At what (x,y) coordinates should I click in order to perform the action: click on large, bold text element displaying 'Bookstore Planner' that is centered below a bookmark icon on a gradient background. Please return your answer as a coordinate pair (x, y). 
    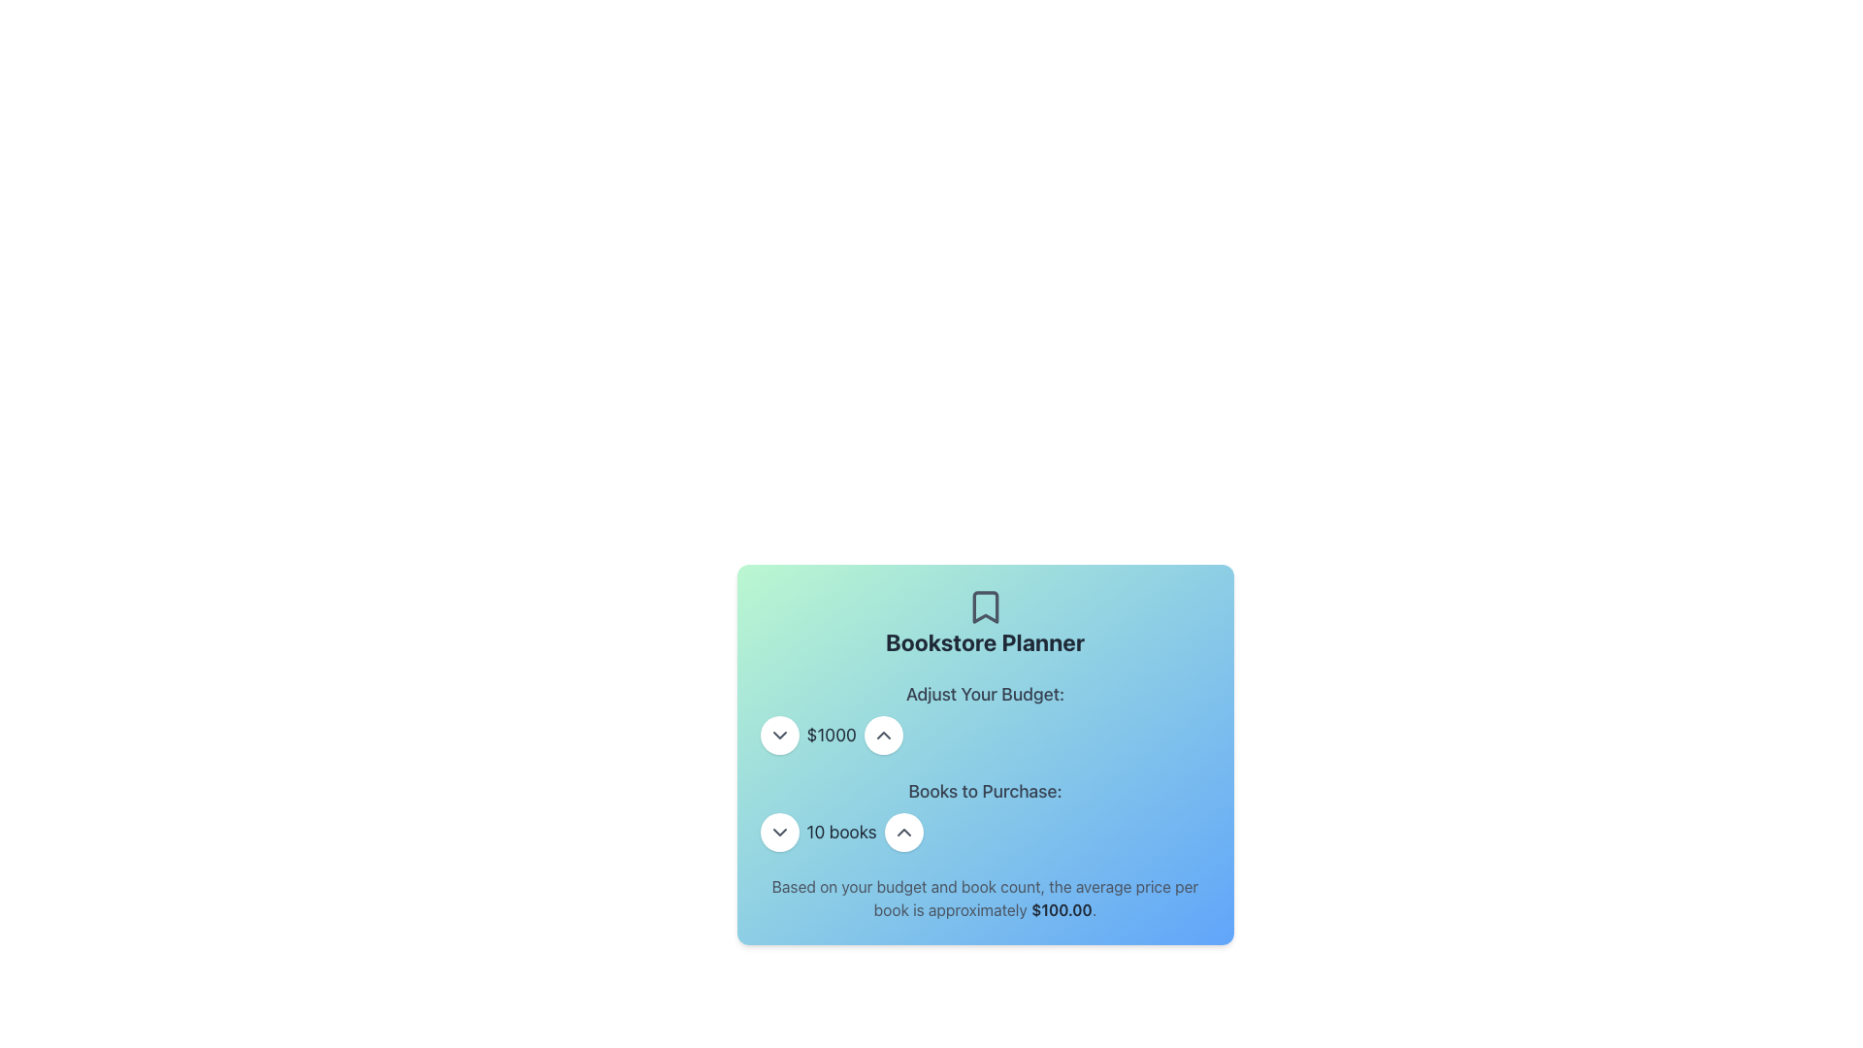
    Looking at the image, I should click on (985, 642).